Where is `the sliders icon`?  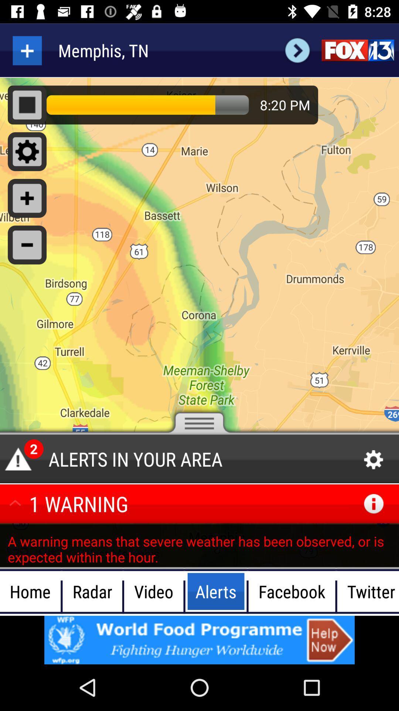
the sliders icon is located at coordinates (357, 50).